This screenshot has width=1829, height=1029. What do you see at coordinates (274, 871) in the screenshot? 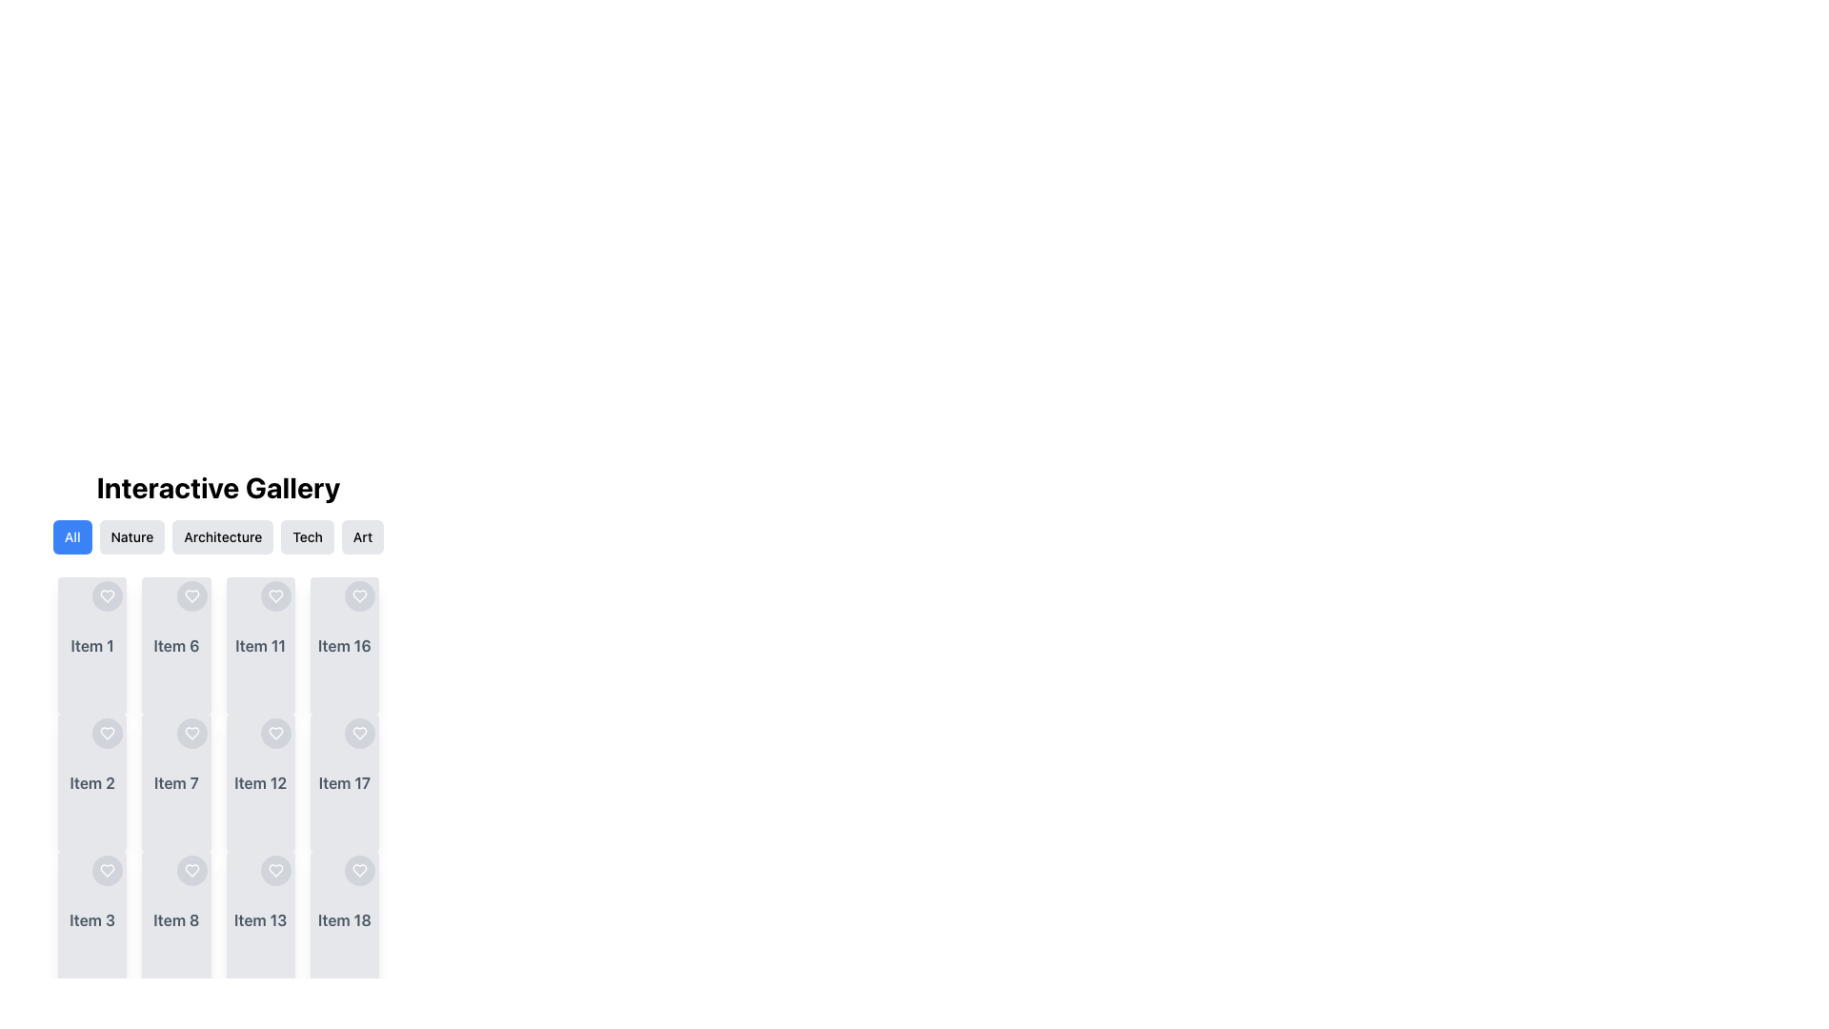
I see `the heart-shaped icon button located in the card labeled 'Item 13' to favorite the item` at bounding box center [274, 871].